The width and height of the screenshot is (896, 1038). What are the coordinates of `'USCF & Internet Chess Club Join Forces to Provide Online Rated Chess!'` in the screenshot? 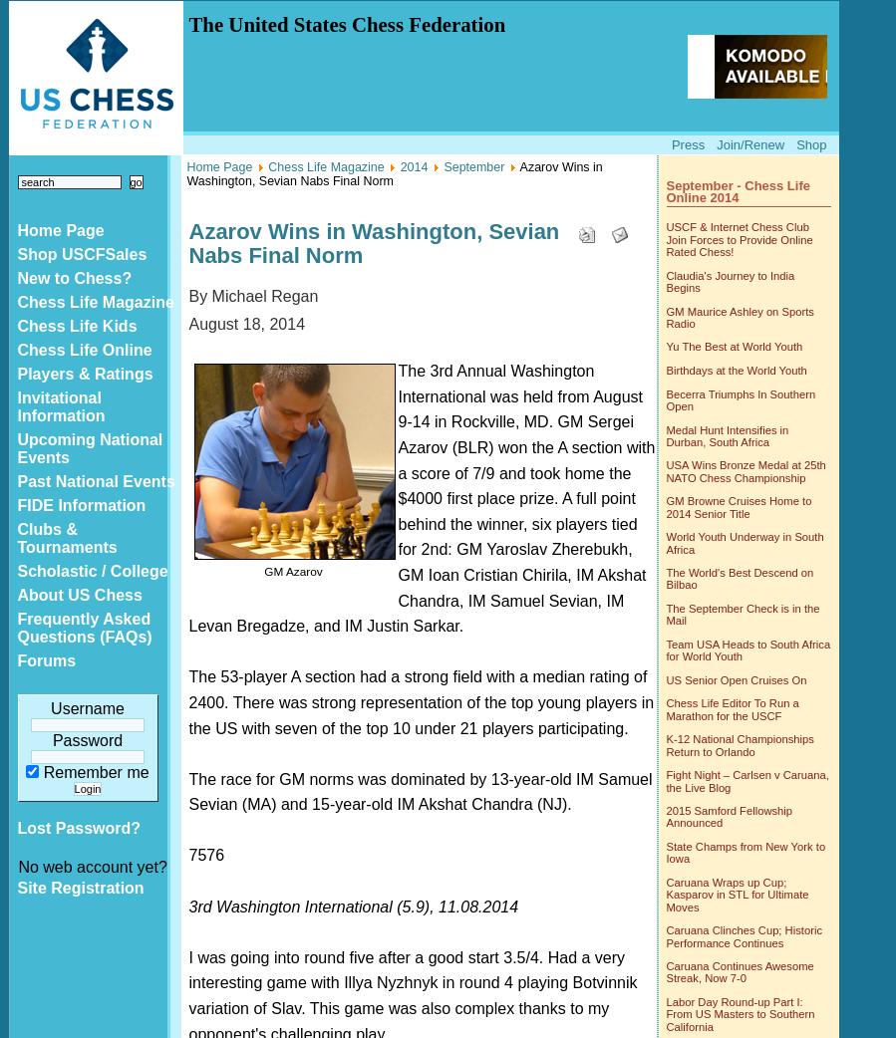 It's located at (738, 238).